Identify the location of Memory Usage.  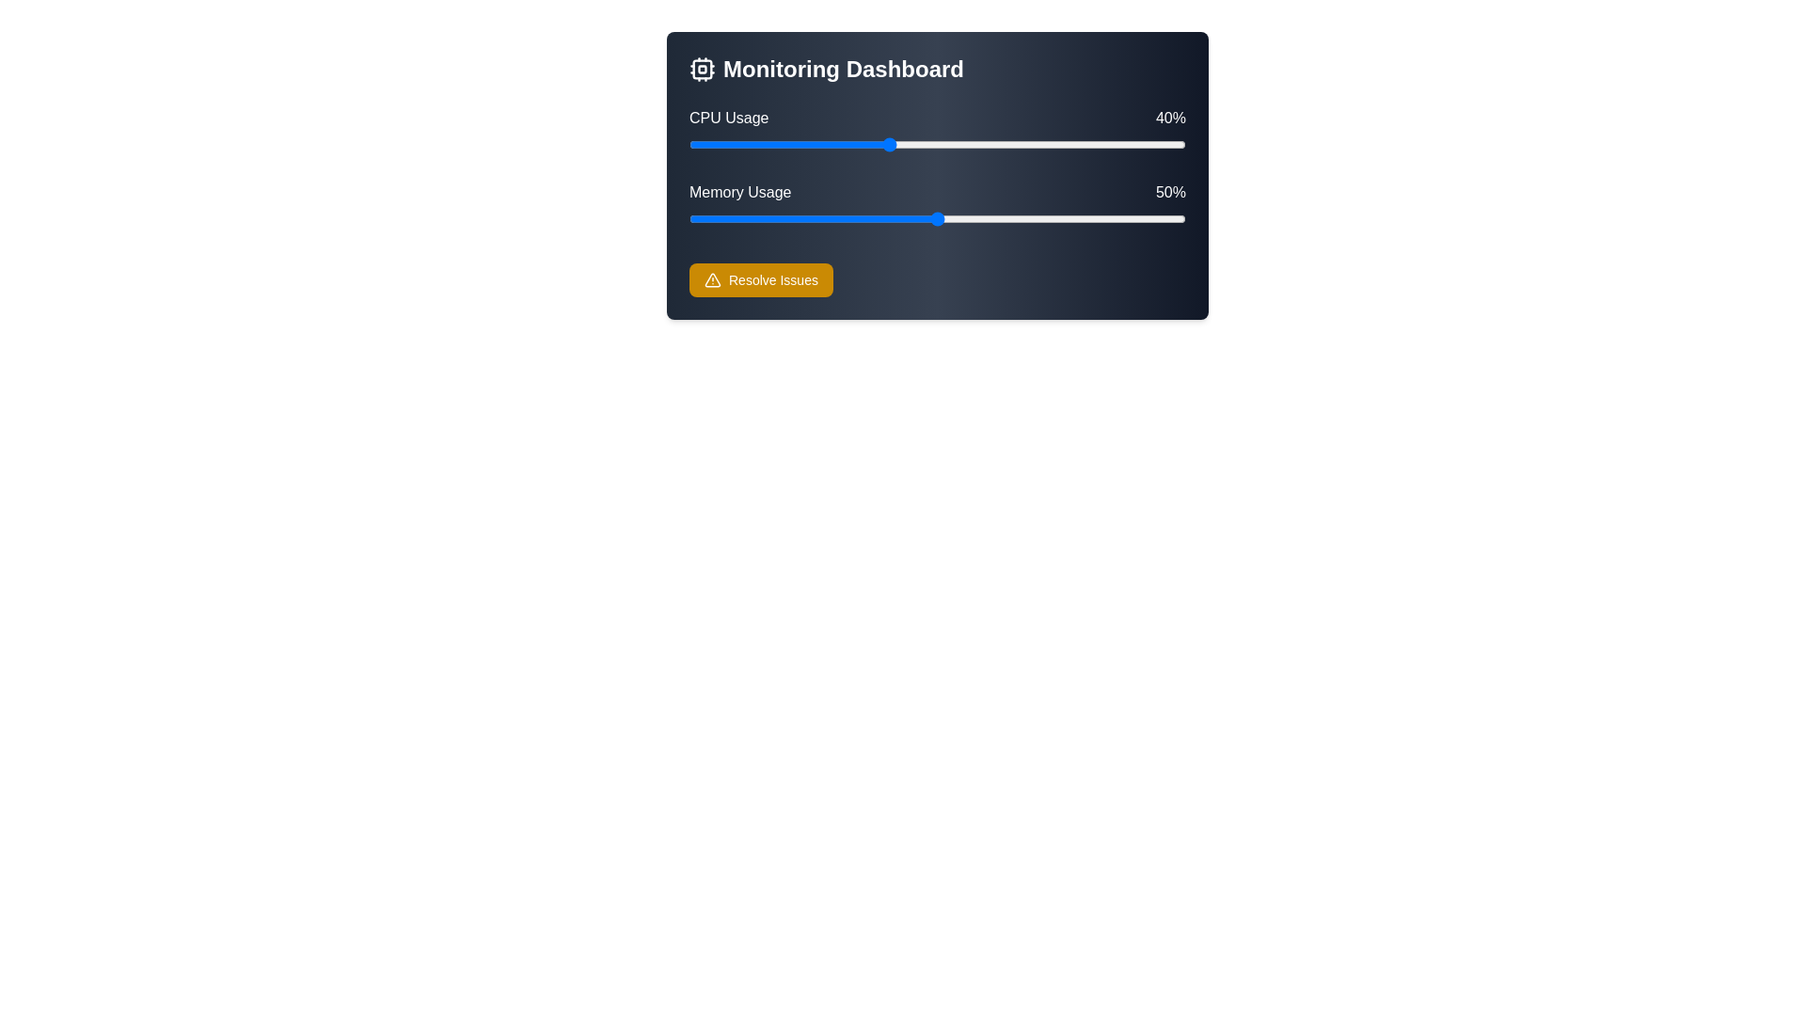
(1082, 217).